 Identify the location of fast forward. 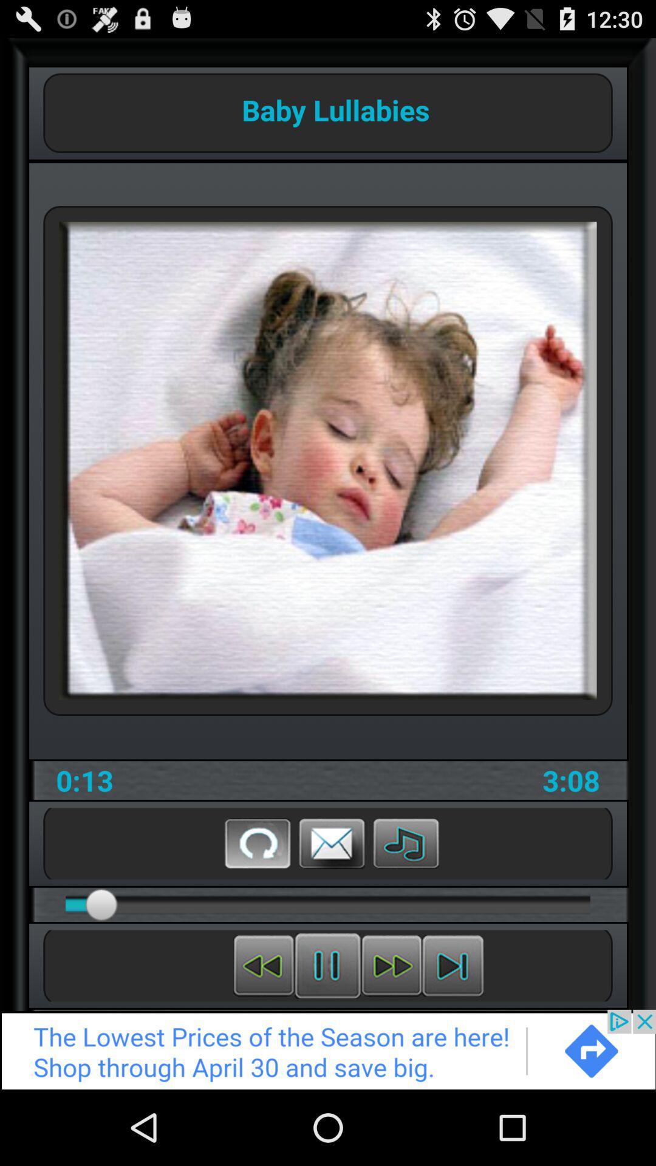
(391, 965).